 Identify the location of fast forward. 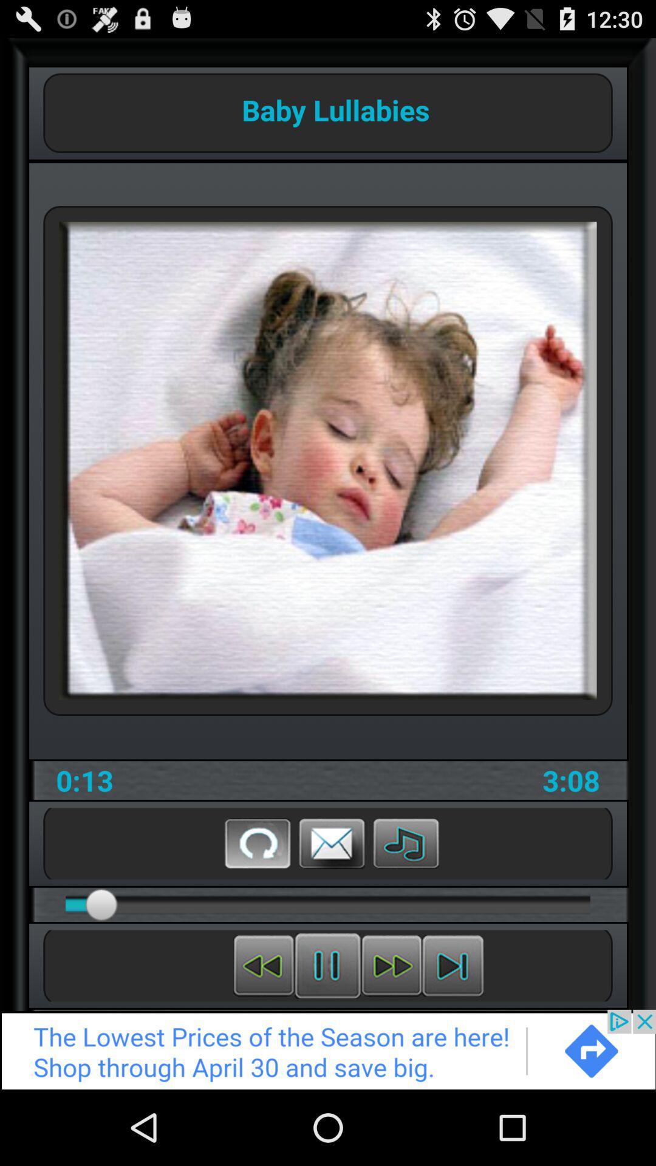
(391, 965).